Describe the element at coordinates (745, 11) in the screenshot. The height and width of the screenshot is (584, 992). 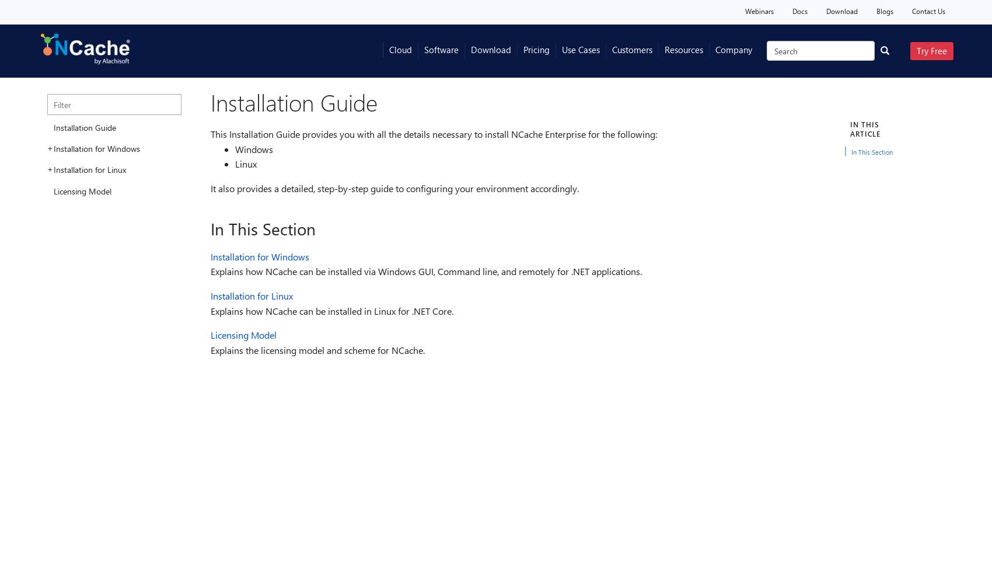
I see `'Webinars'` at that location.